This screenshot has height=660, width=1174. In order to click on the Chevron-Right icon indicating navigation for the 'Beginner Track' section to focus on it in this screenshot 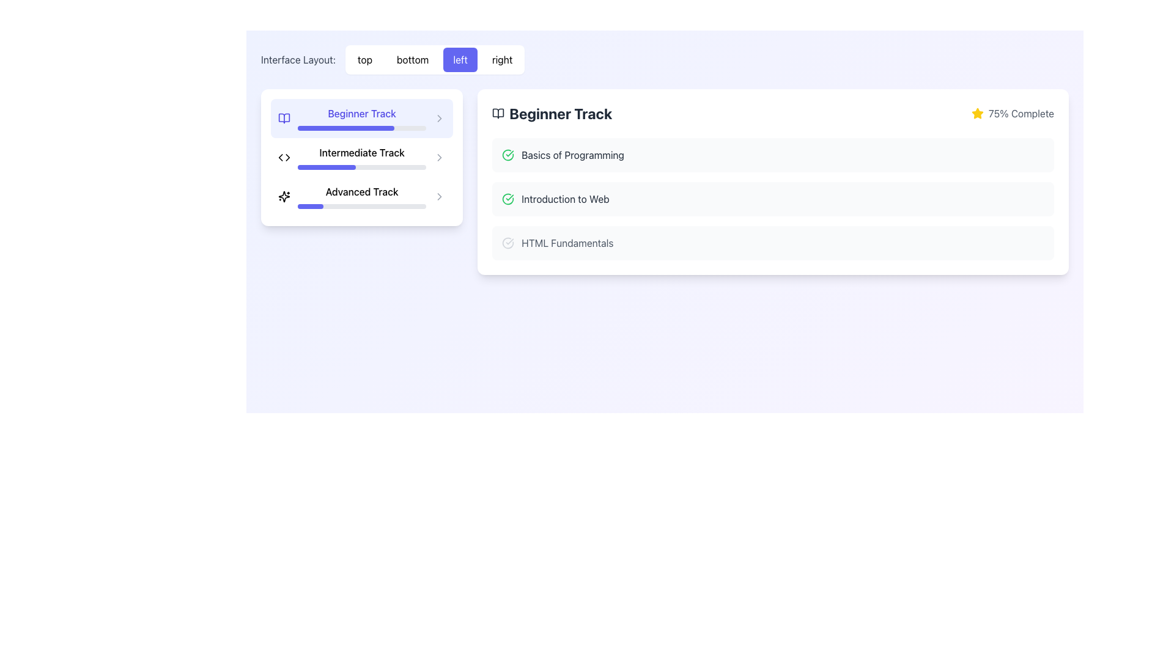, I will do `click(440, 118)`.